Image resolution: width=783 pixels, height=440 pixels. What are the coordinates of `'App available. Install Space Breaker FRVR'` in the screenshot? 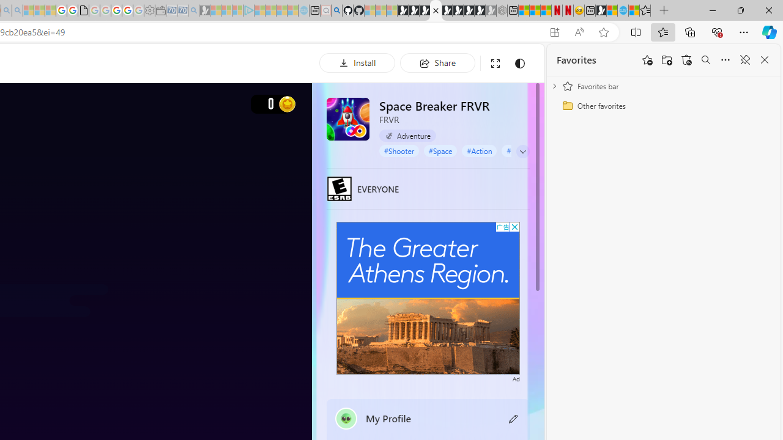 It's located at (554, 32).